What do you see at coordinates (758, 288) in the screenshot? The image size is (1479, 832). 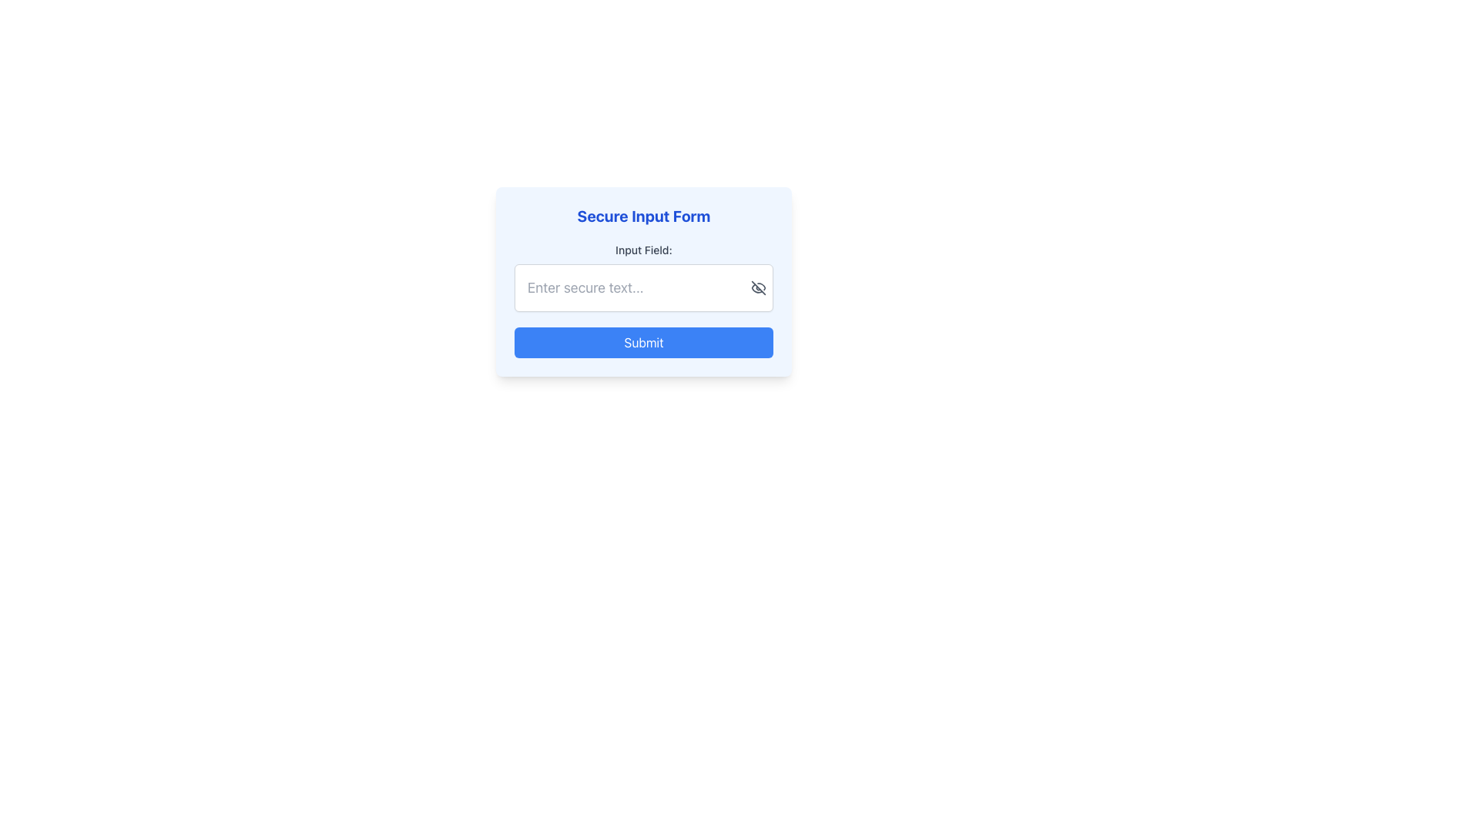 I see `the eye-shaped icon with a strikethrough` at bounding box center [758, 288].